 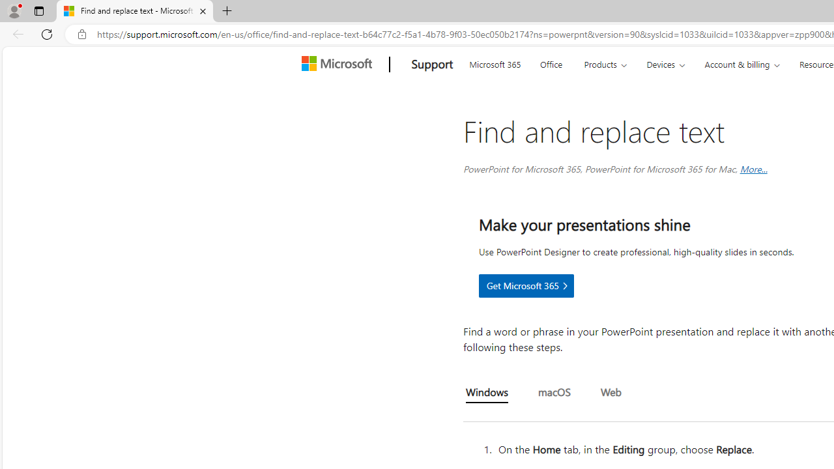 What do you see at coordinates (551, 63) in the screenshot?
I see `'Office'` at bounding box center [551, 63].